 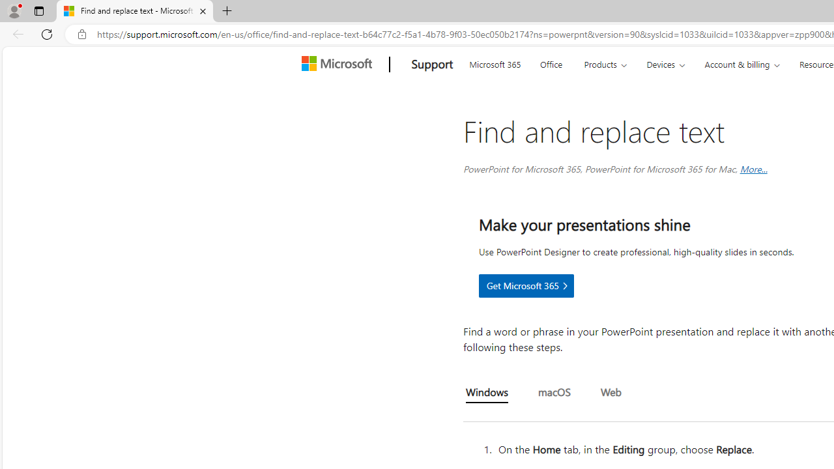 What do you see at coordinates (551, 63) in the screenshot?
I see `'Office'` at bounding box center [551, 63].